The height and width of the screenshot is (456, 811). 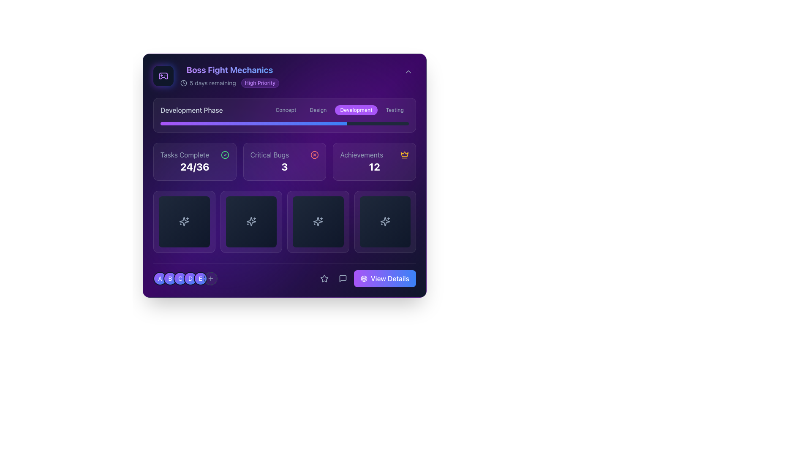 I want to click on the 'Add' or 'Create New' button located at the bottom left of the interface to change its border and text color, so click(x=211, y=278).